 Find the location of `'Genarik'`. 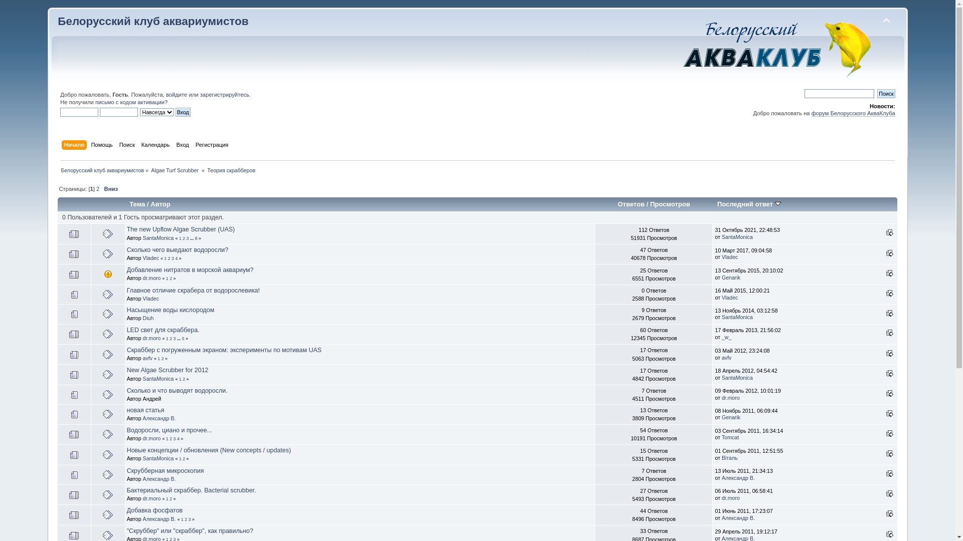

'Genarik' is located at coordinates (731, 417).